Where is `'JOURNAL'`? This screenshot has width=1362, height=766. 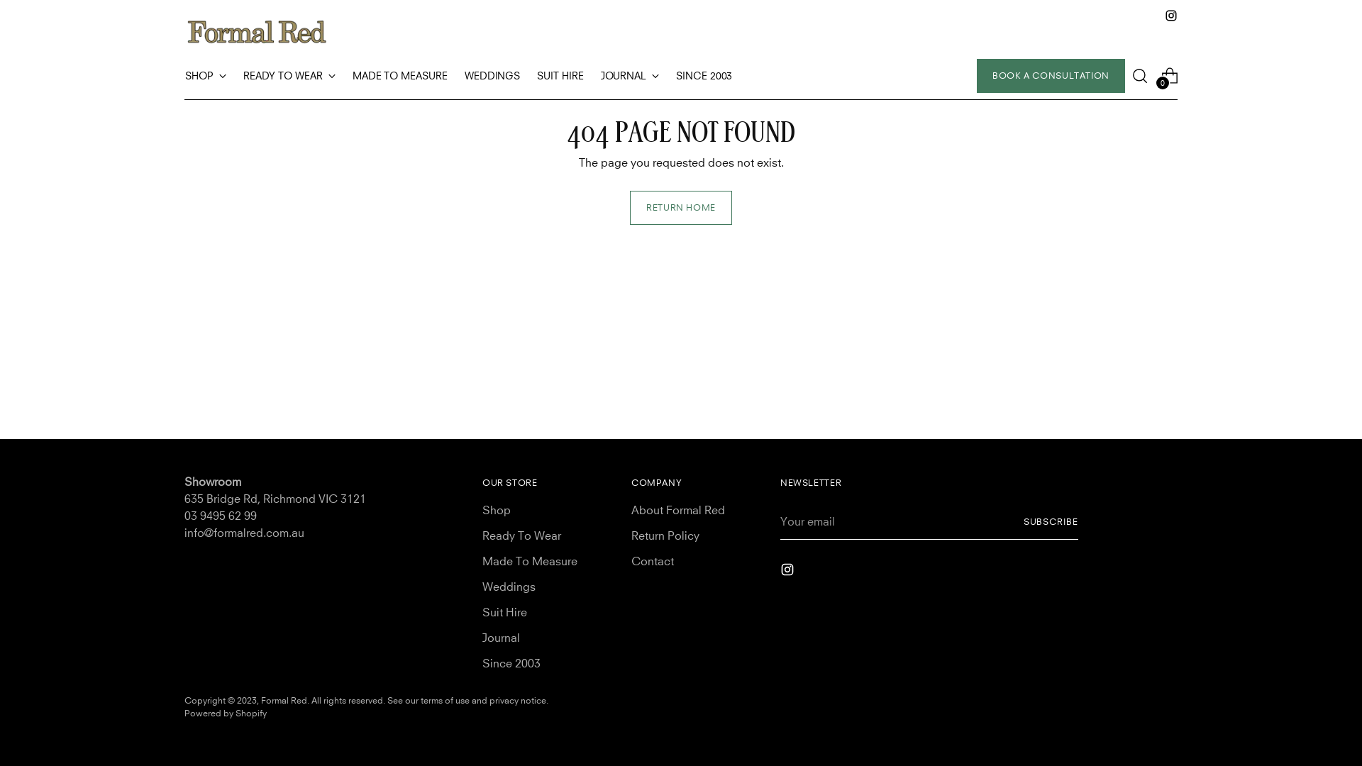 'JOURNAL' is located at coordinates (629, 76).